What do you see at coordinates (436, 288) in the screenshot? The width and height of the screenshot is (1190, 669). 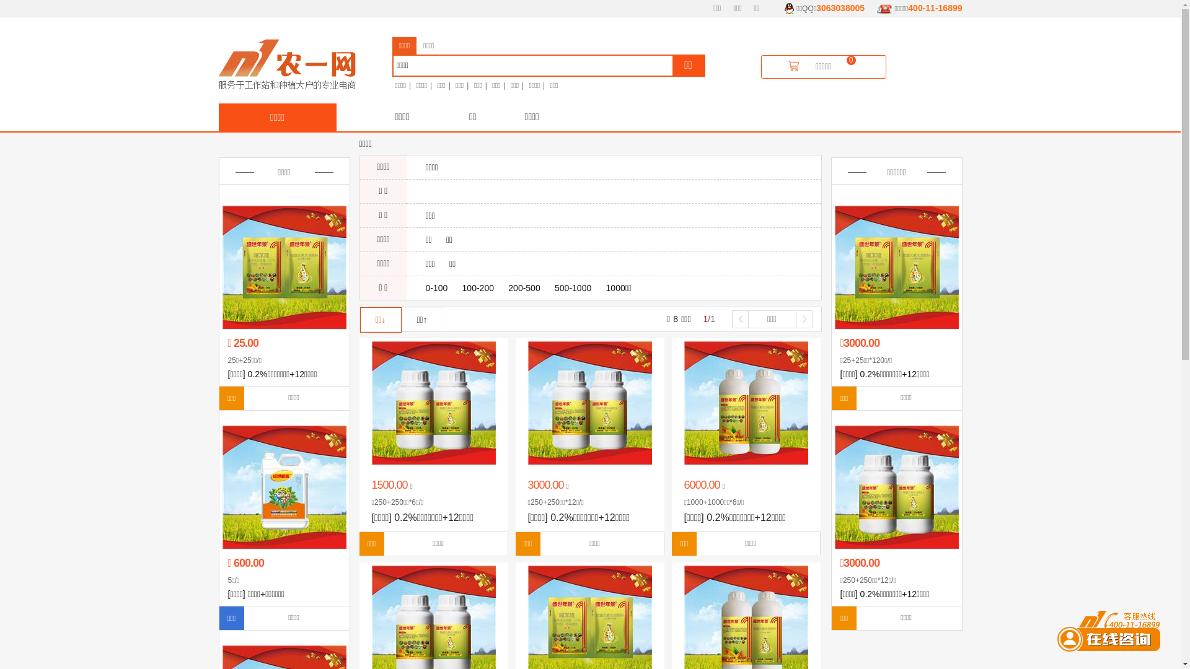 I see `'0-100'` at bounding box center [436, 288].